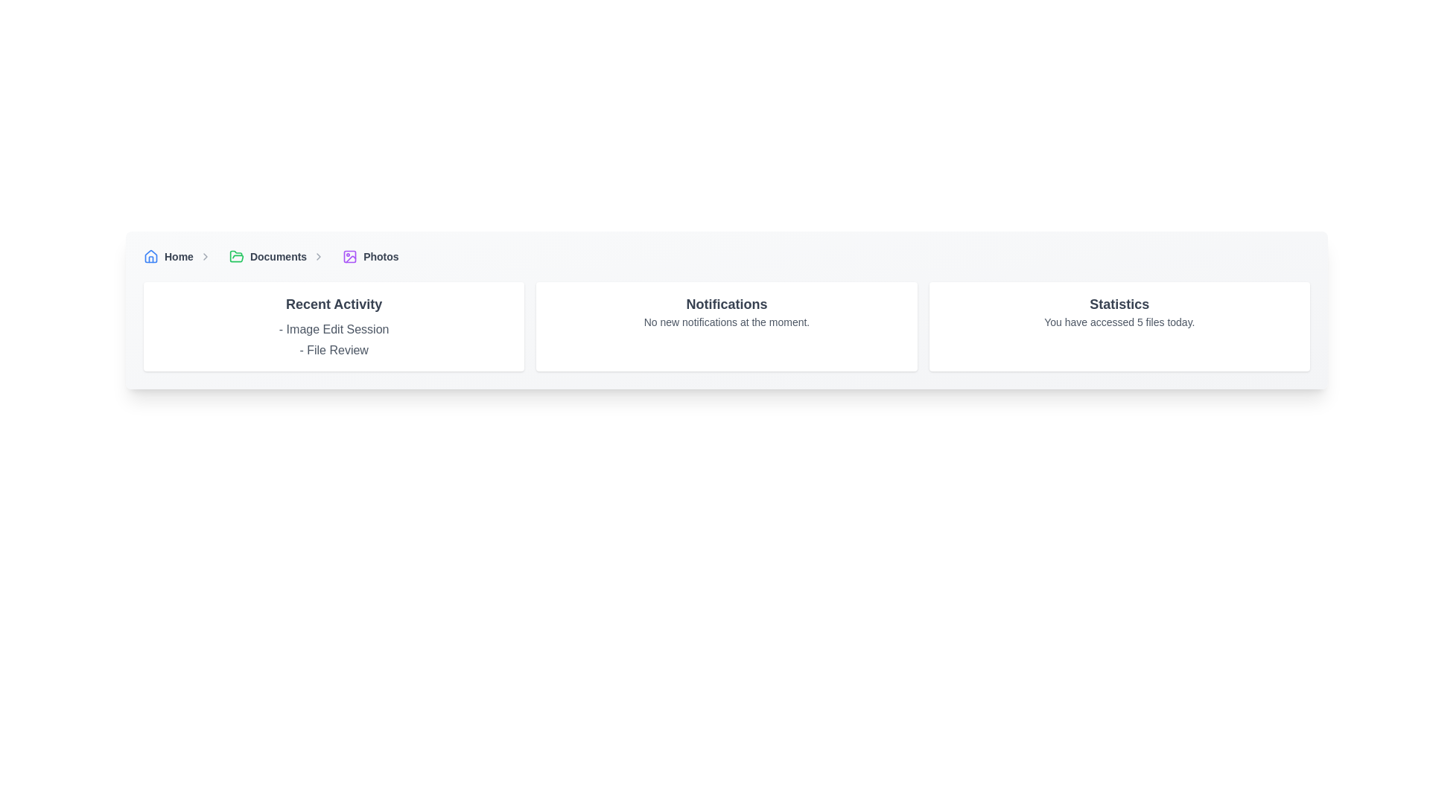  What do you see at coordinates (1119, 321) in the screenshot?
I see `the text label that reads 'You have accessed 5 files today.', which is displayed in a small-sized font with a gray color, located beneath the 'Statistics' header` at bounding box center [1119, 321].